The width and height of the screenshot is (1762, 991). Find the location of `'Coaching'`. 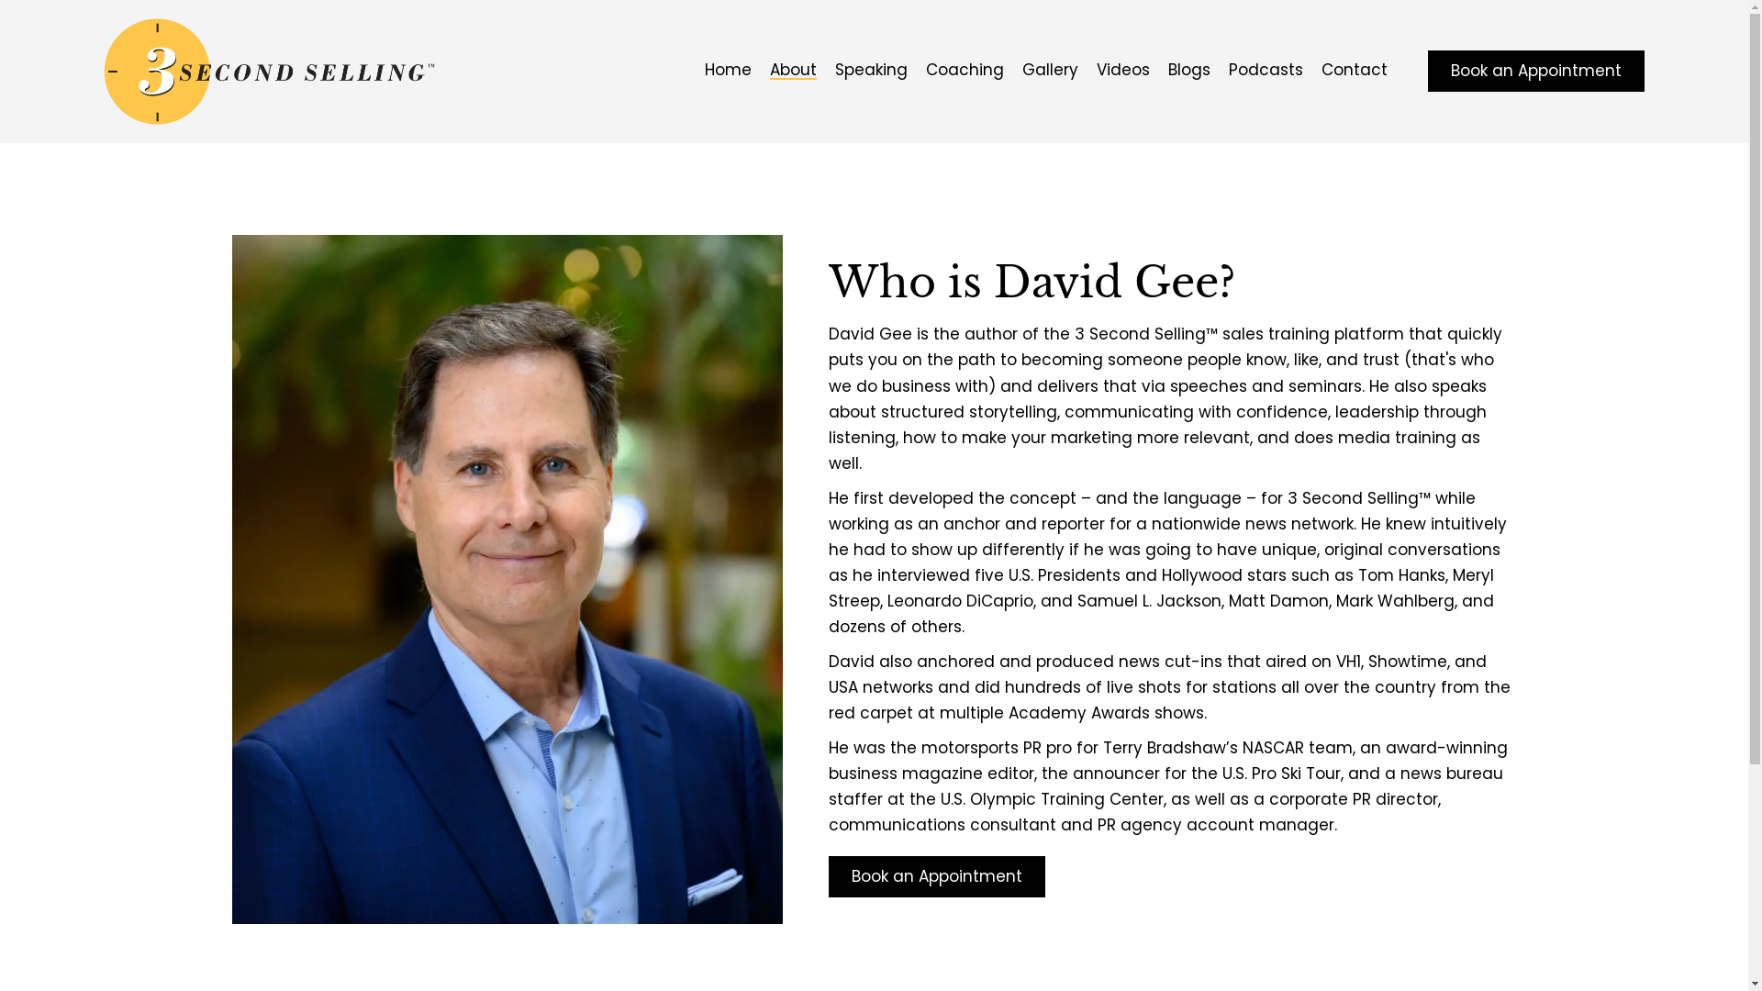

'Coaching' is located at coordinates (925, 70).